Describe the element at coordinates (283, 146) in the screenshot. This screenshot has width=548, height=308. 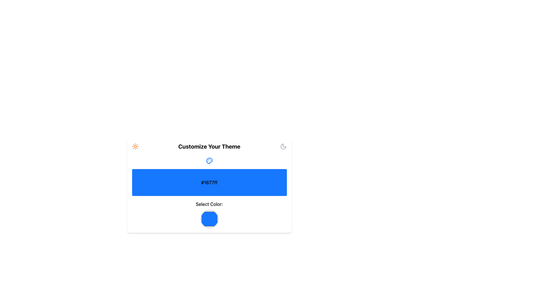
I see `the crescent moon icon representing the night mode toggle in the top right corner of the theme customization interface` at that location.